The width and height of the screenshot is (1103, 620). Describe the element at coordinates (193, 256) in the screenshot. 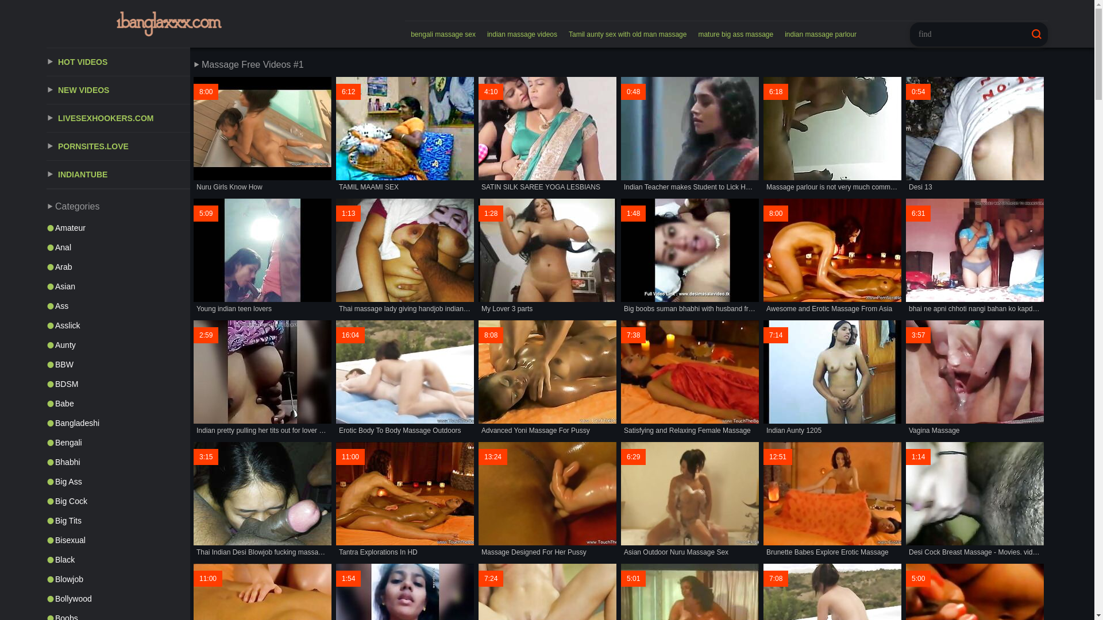

I see `'5:09` at that location.